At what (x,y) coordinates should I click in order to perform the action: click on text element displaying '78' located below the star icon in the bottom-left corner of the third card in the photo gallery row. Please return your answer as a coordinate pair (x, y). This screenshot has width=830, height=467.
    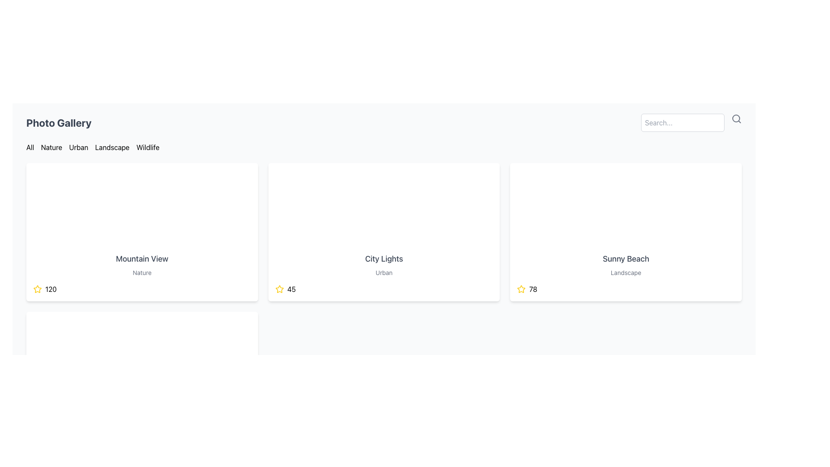
    Looking at the image, I should click on (533, 289).